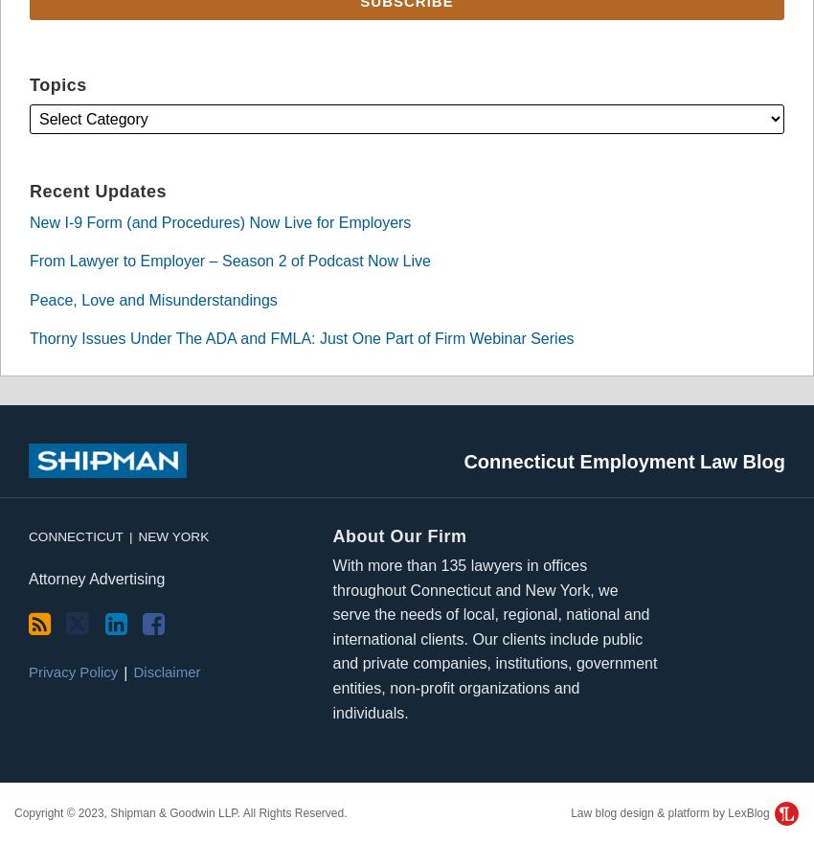 This screenshot has height=843, width=814. I want to click on 'Copyright © 2023, Shipman & Goodwin LLP. All Rights Reserved.', so click(12, 813).